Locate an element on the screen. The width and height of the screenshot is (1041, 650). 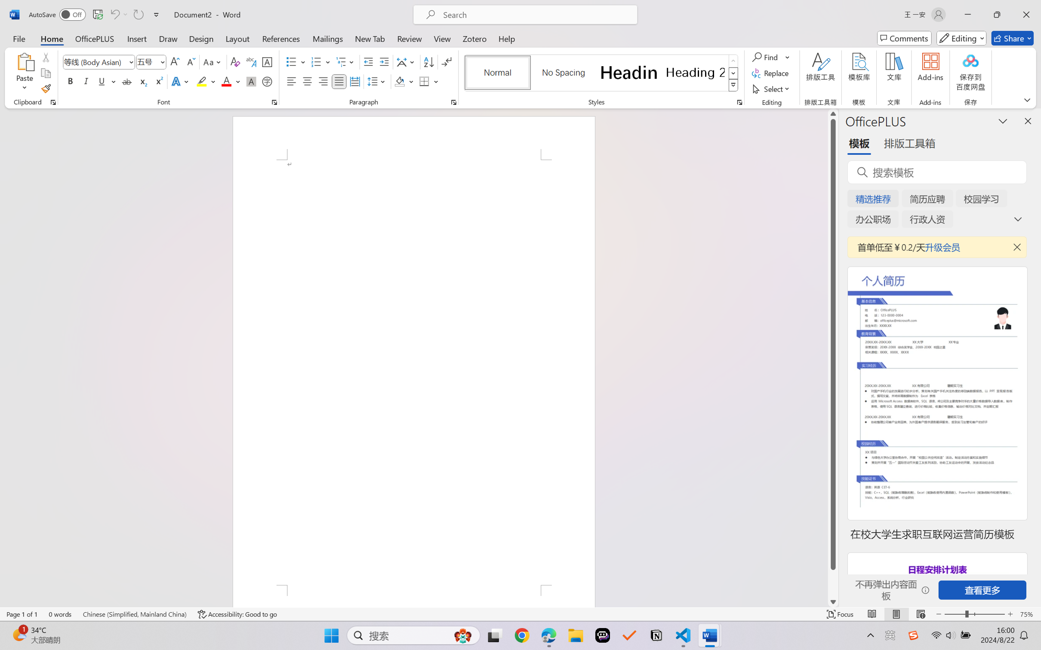
'Can' is located at coordinates (138, 14).